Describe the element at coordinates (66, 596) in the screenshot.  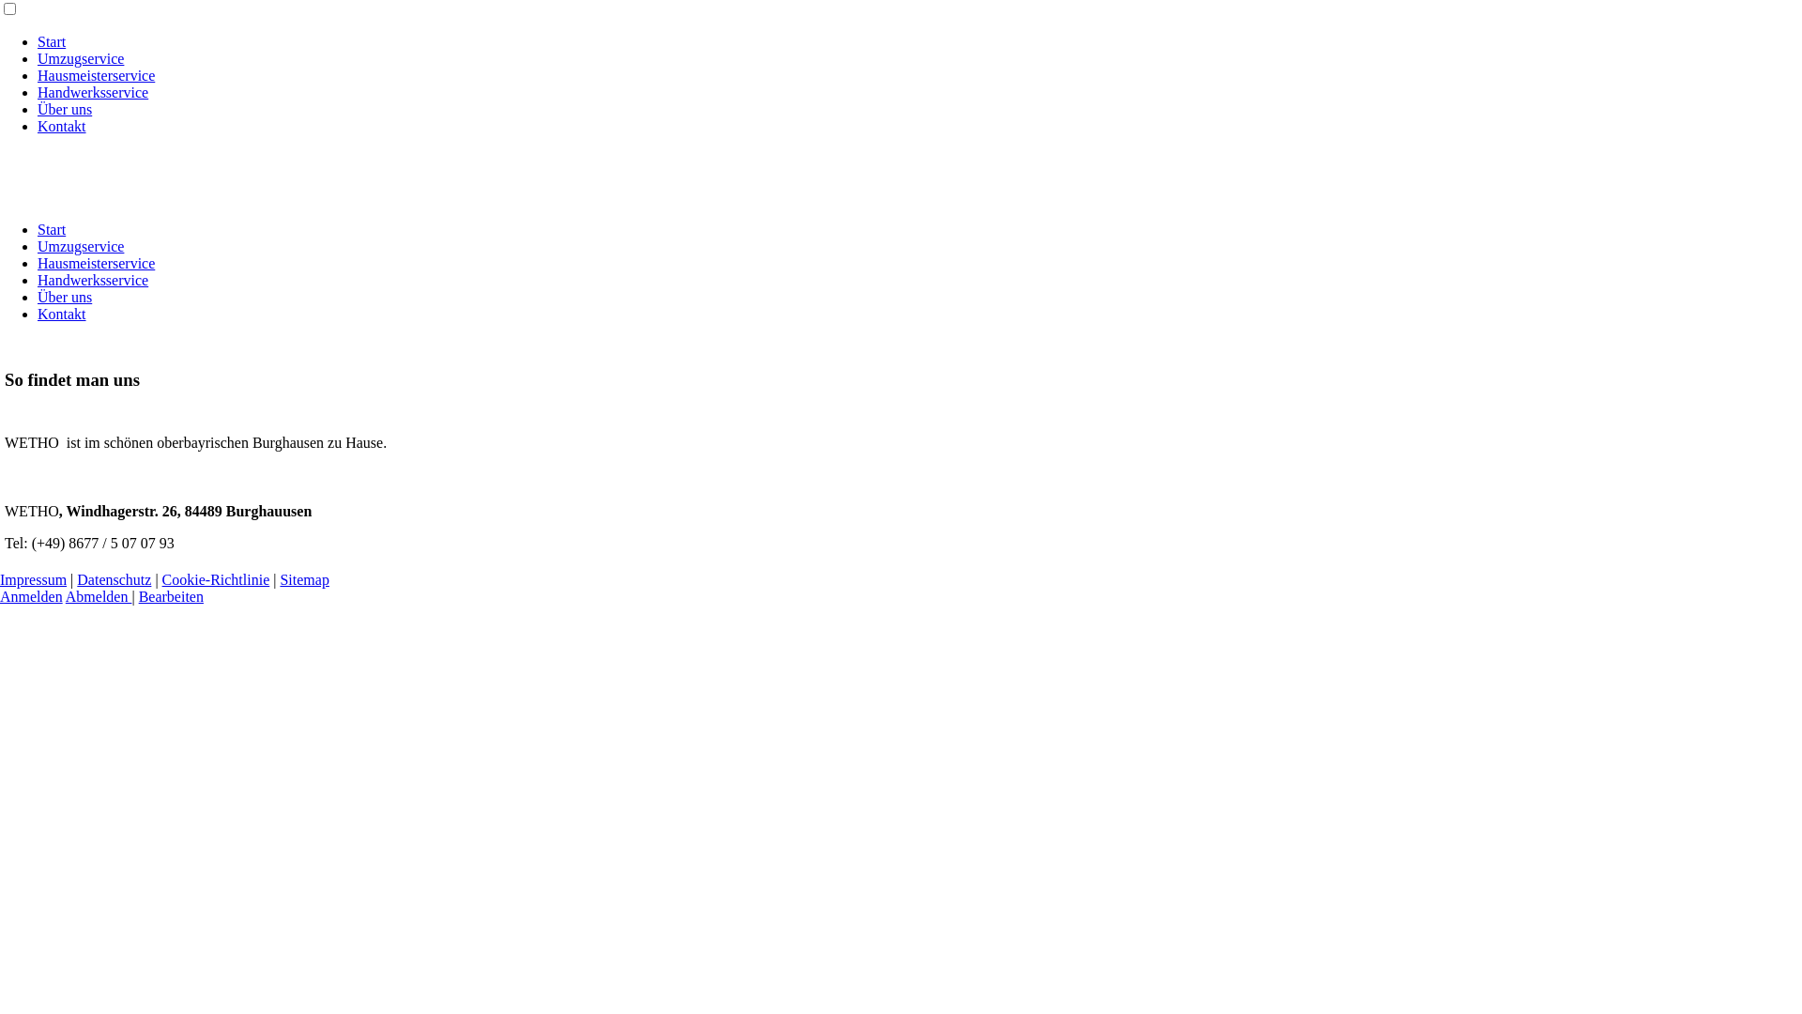
I see `'Abmelden'` at that location.